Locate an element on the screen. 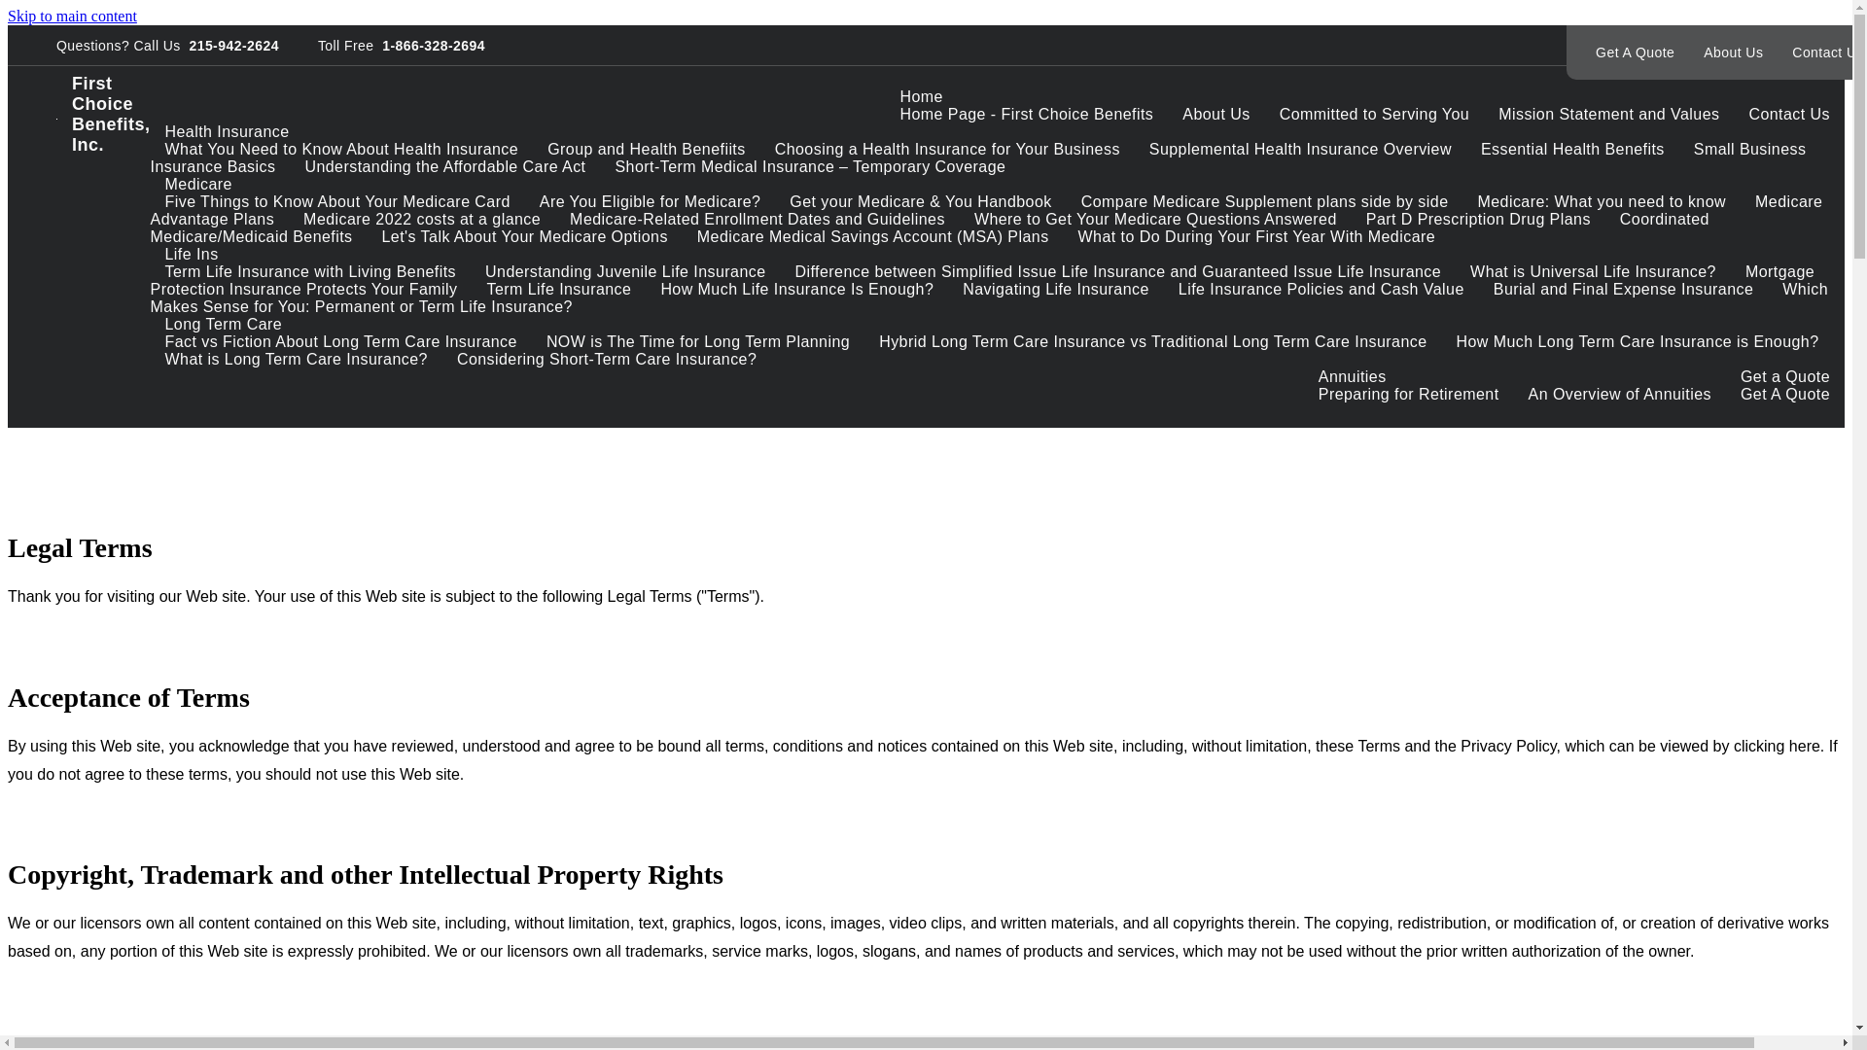 This screenshot has width=1867, height=1050. 'Home' is located at coordinates (919, 96).